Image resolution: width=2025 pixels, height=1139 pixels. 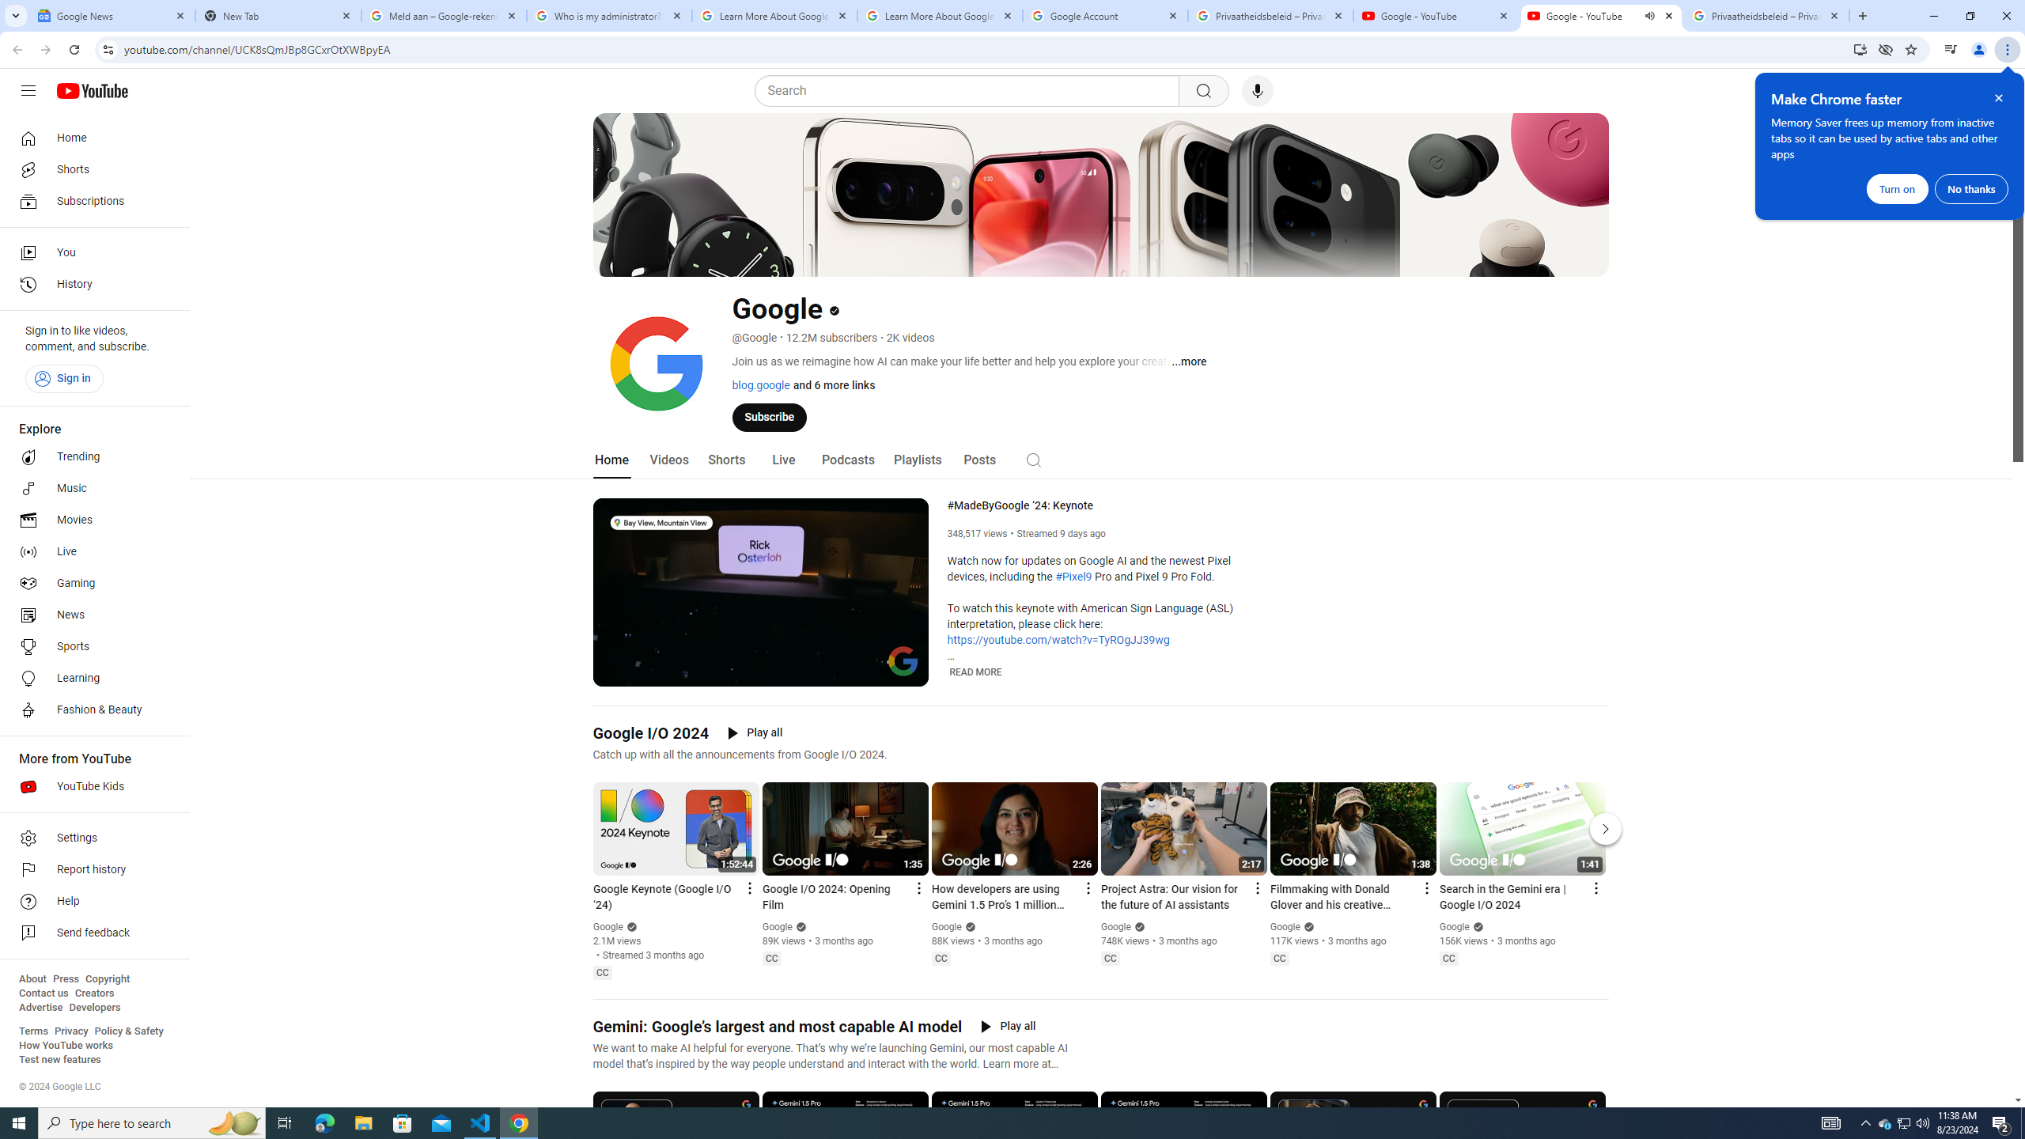 I want to click on 'Playlists', so click(x=916, y=460).